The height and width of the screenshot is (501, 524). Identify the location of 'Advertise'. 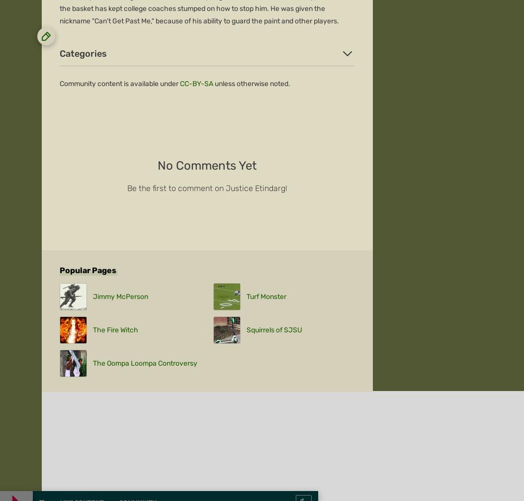
(59, 287).